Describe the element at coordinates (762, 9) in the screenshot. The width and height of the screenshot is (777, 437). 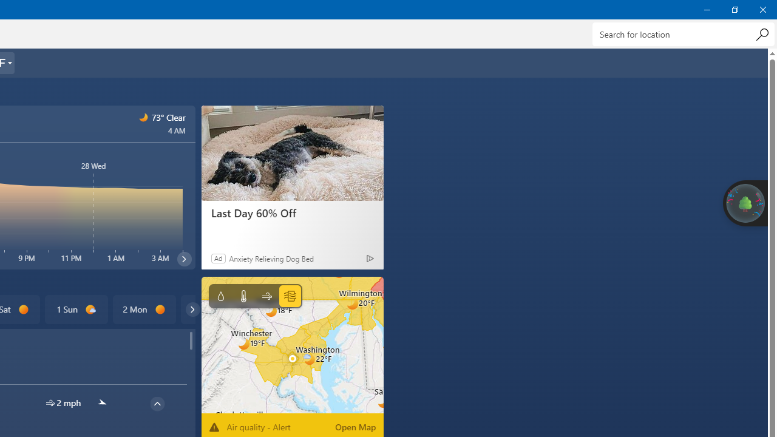
I see `'Close Weather'` at that location.